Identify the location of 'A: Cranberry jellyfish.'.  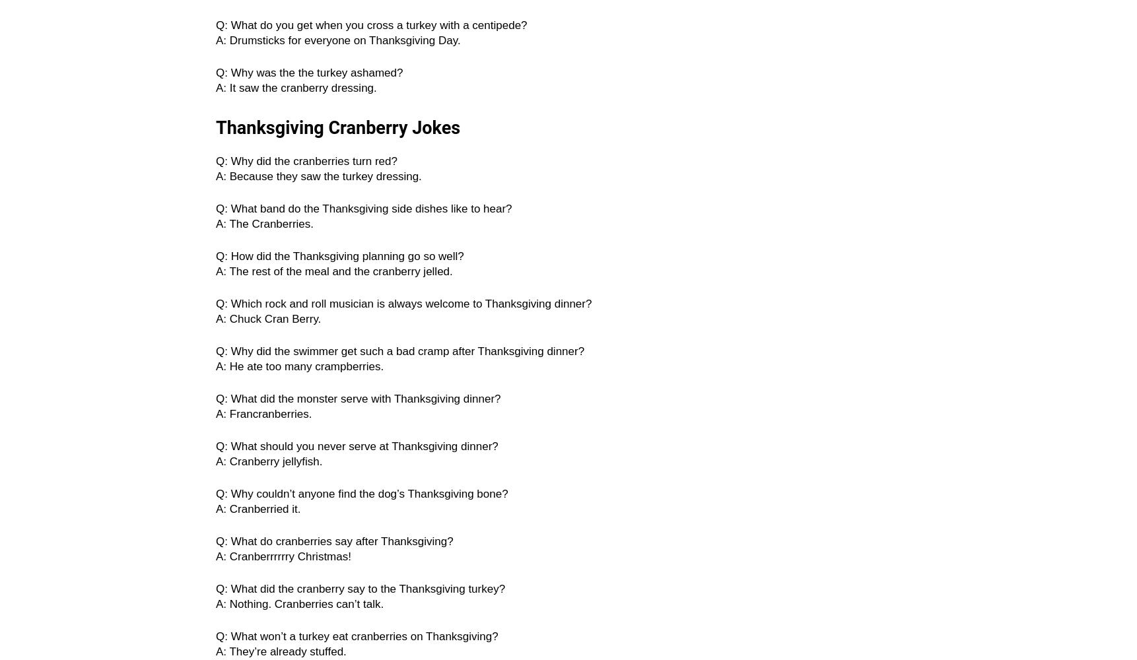
(269, 461).